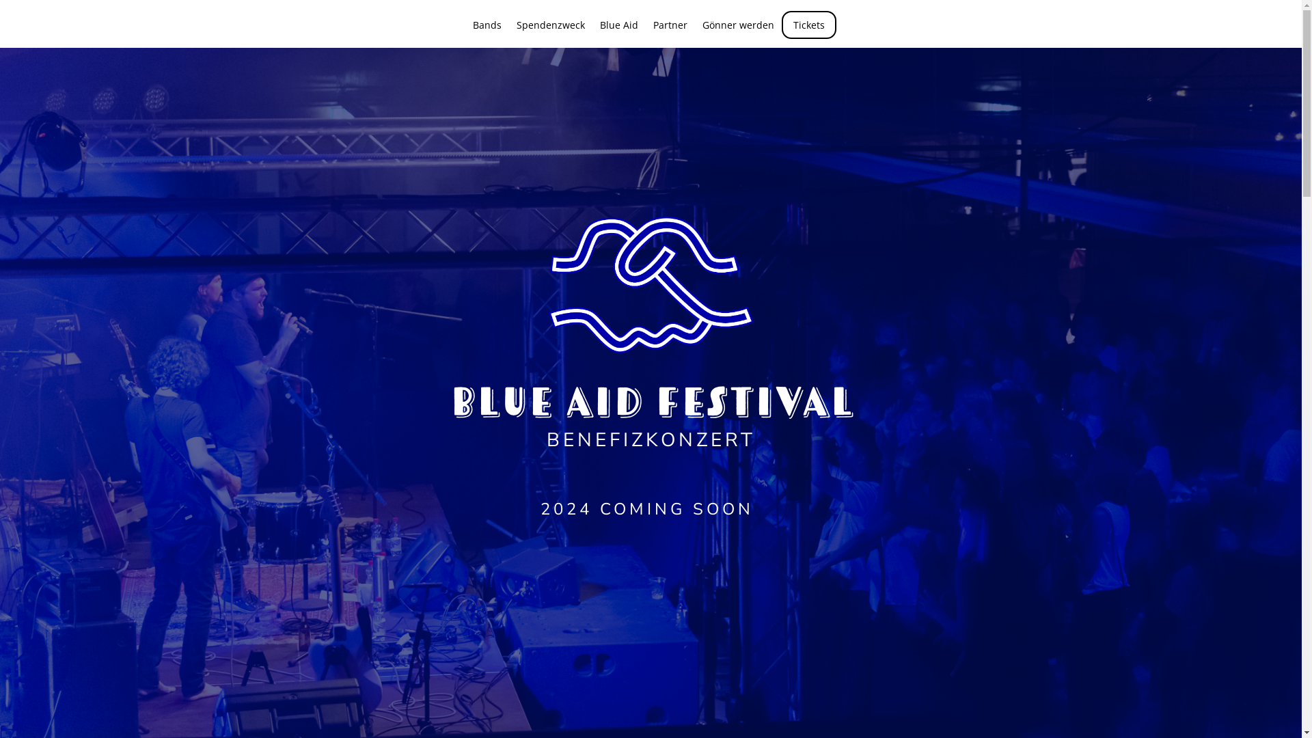 Image resolution: width=1312 pixels, height=738 pixels. I want to click on 'Blue Aid', so click(618, 34).